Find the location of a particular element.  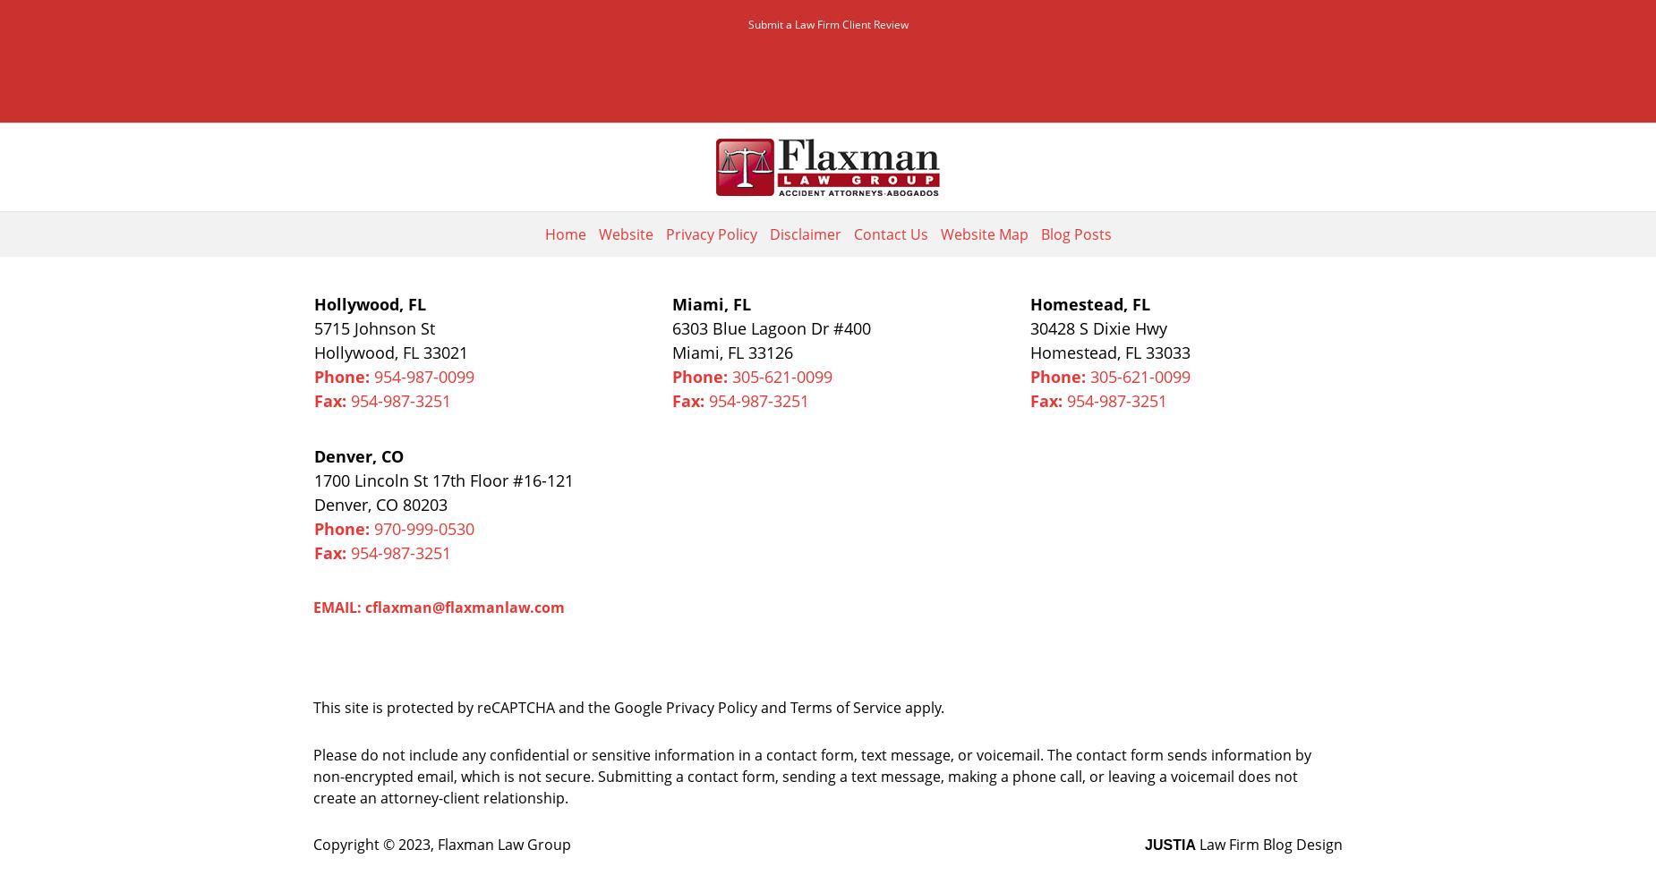

'Submit a Law Firm Client Review' is located at coordinates (827, 24).